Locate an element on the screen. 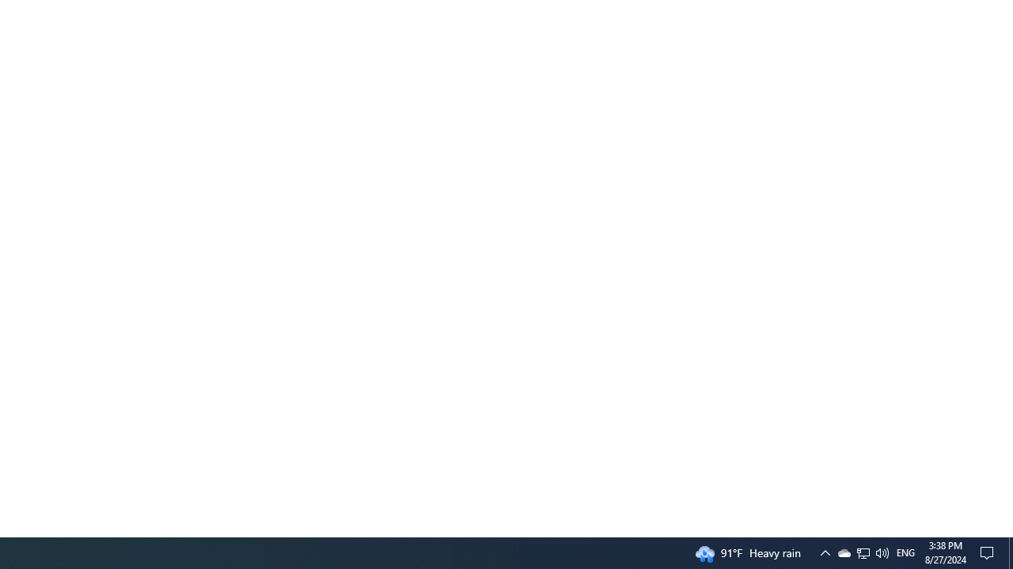 The width and height of the screenshot is (1013, 569). 'Tray Input Indicator - English (United States)' is located at coordinates (905, 552).